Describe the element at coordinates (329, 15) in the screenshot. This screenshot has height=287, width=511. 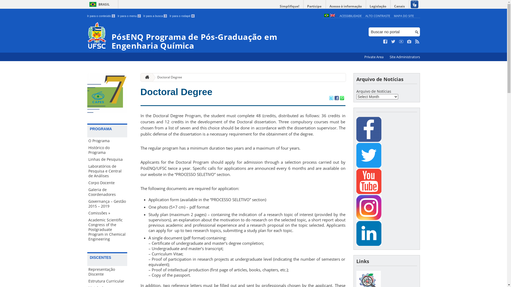
I see `'English (en)'` at that location.